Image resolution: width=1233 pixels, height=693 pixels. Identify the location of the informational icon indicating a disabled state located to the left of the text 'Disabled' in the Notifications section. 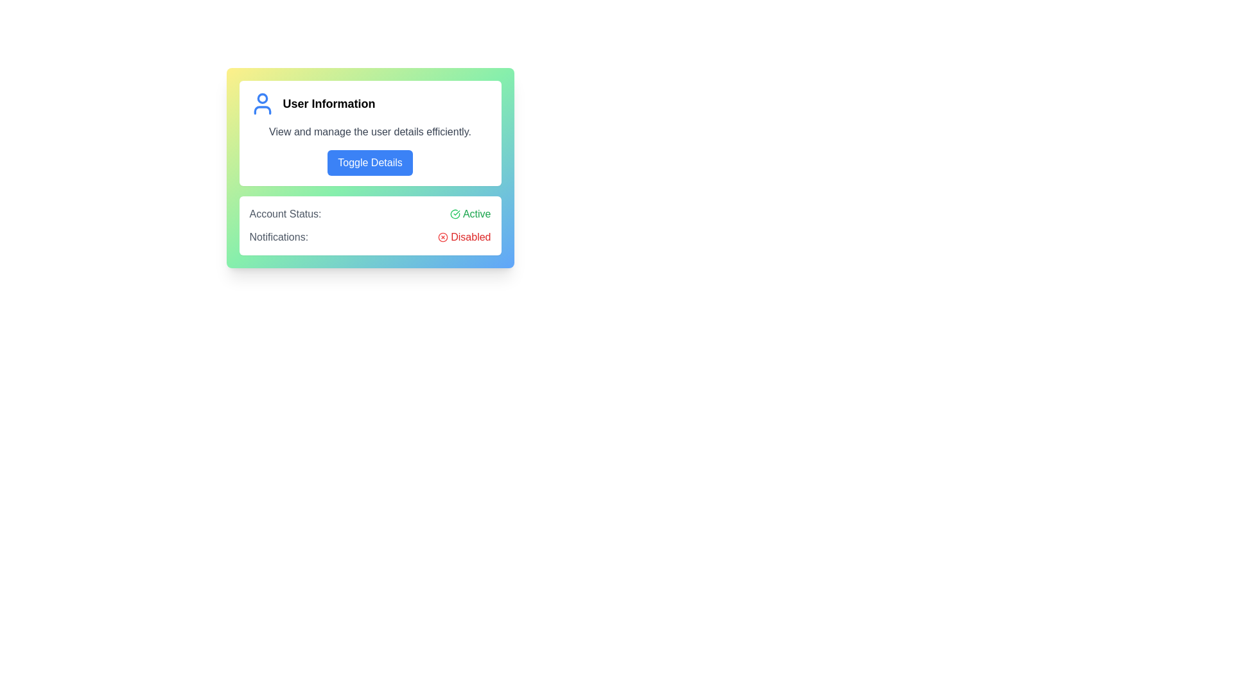
(443, 237).